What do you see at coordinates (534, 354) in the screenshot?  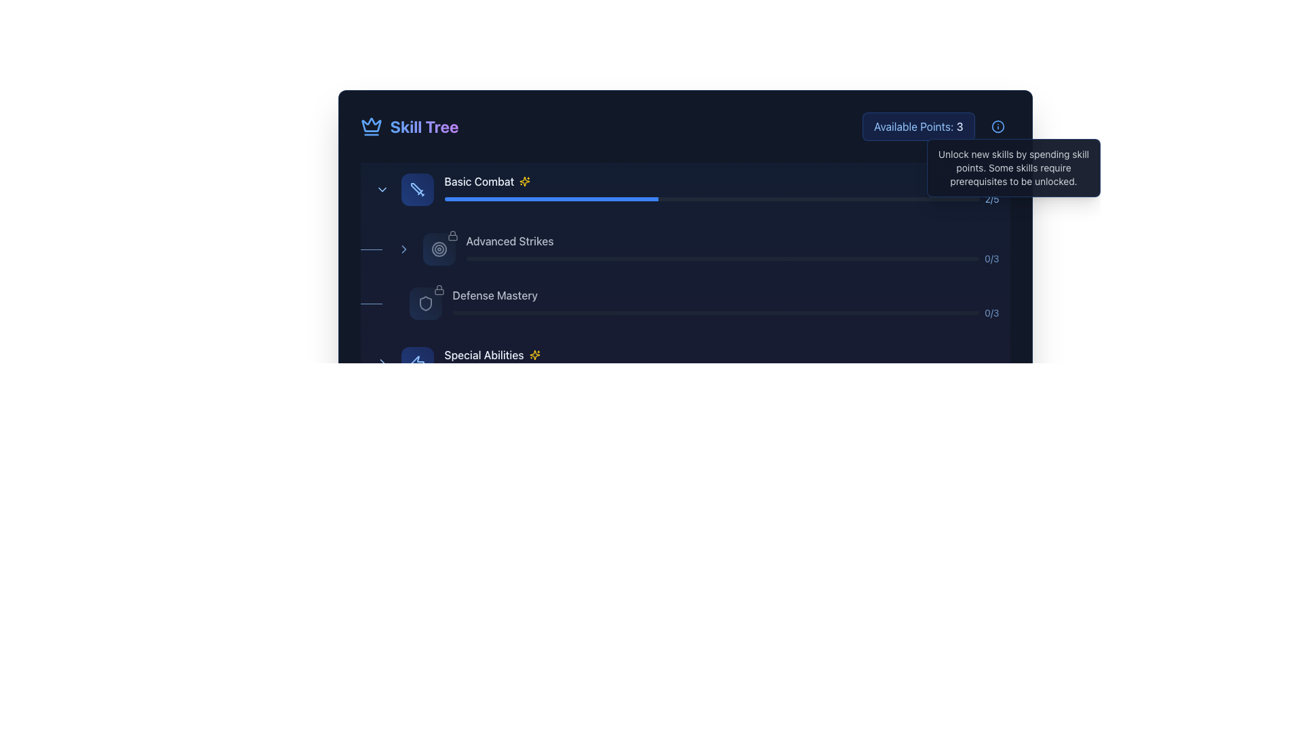 I see `the yellow, spark-shaped icon with a glowing appearance located to the right of the 'Special Abilities' text for context` at bounding box center [534, 354].